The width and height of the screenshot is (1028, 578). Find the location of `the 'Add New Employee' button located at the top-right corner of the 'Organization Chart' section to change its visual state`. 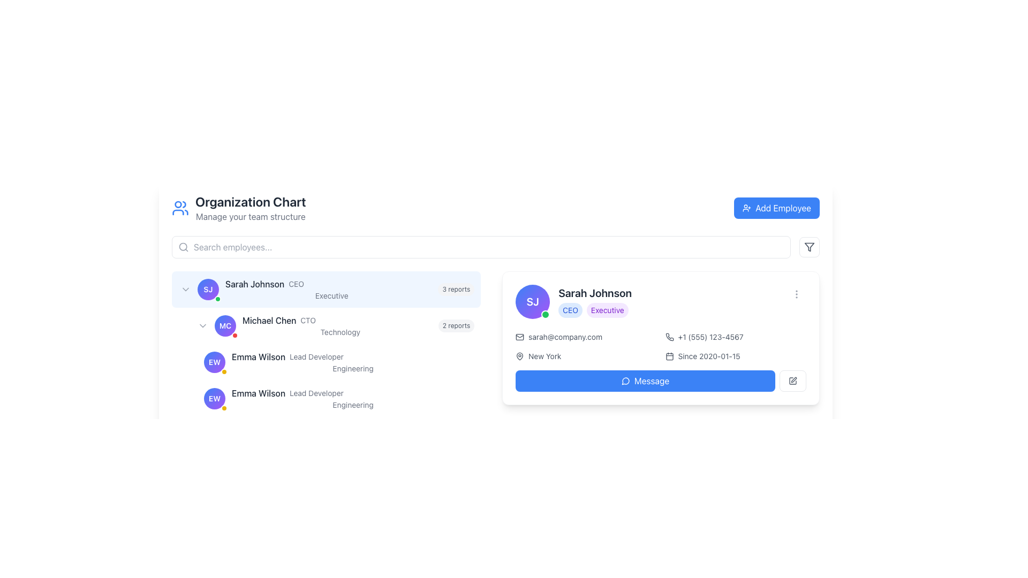

the 'Add New Employee' button located at the top-right corner of the 'Organization Chart' section to change its visual state is located at coordinates (777, 208).